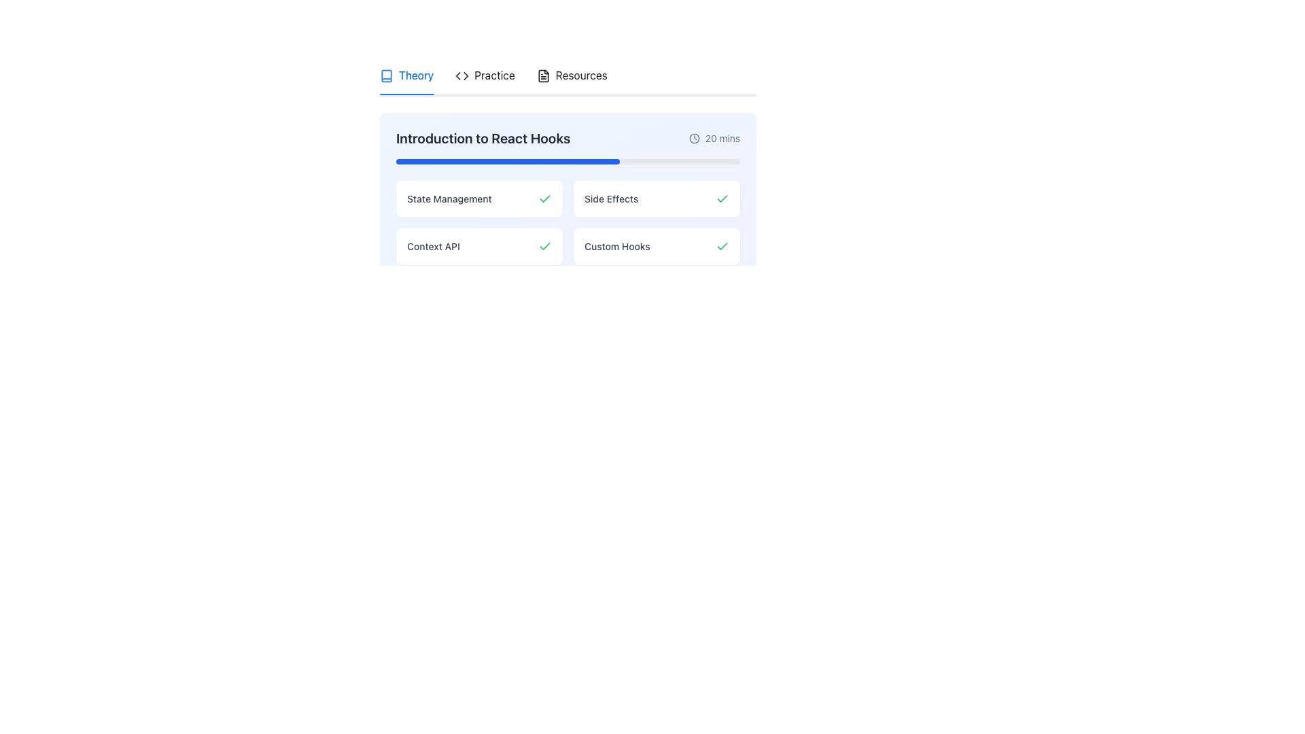  What do you see at coordinates (616, 247) in the screenshot?
I see `the static text label reading 'Custom Hooks', styled with medium font weight and gray color, located in the bottom-right position of a grid layout, directly below 'Side Effects' and to the right of 'Context API'` at bounding box center [616, 247].